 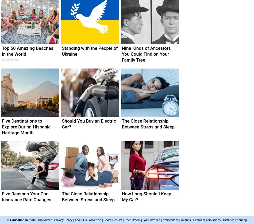 What do you see at coordinates (151, 220) in the screenshot?
I see `'Job Entrance'` at bounding box center [151, 220].